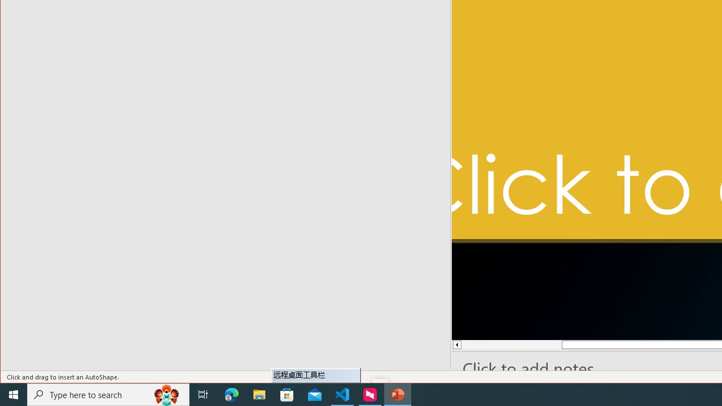 The height and width of the screenshot is (406, 722). Describe the element at coordinates (14, 394) in the screenshot. I see `'Start'` at that location.